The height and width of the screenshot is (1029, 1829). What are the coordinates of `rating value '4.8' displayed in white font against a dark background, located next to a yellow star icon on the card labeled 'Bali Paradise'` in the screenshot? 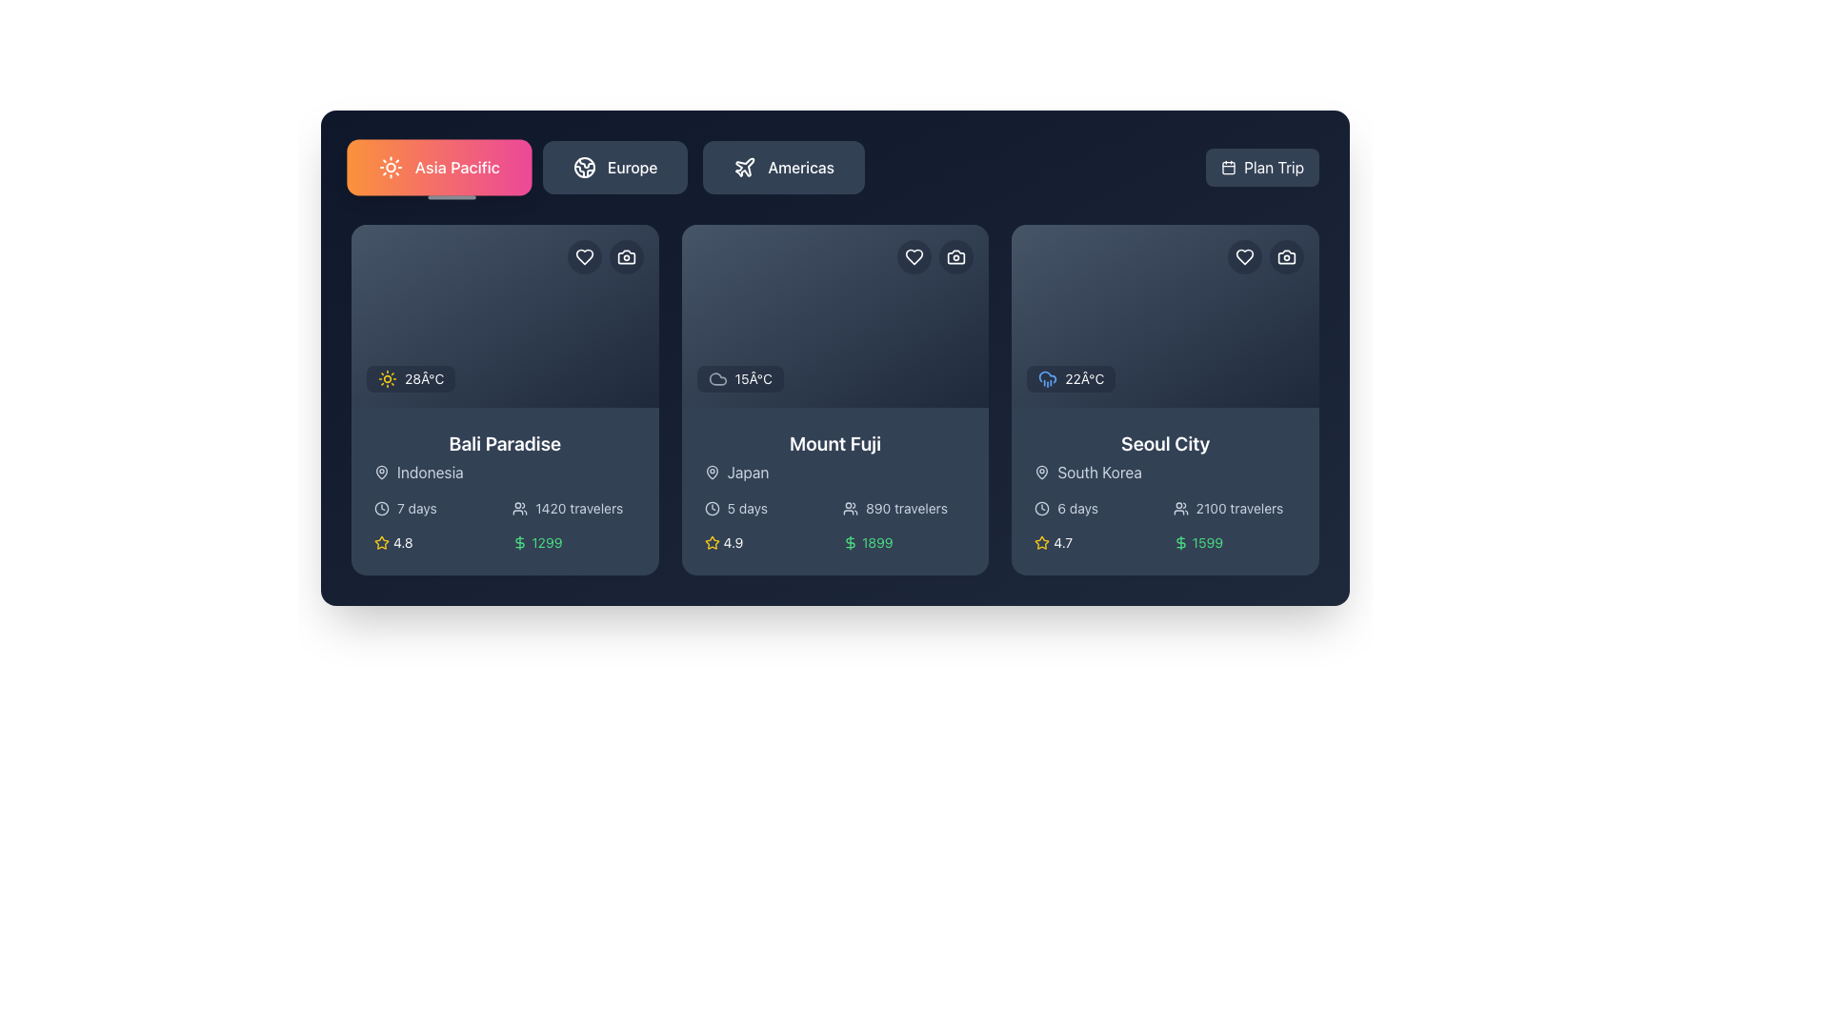 It's located at (402, 543).